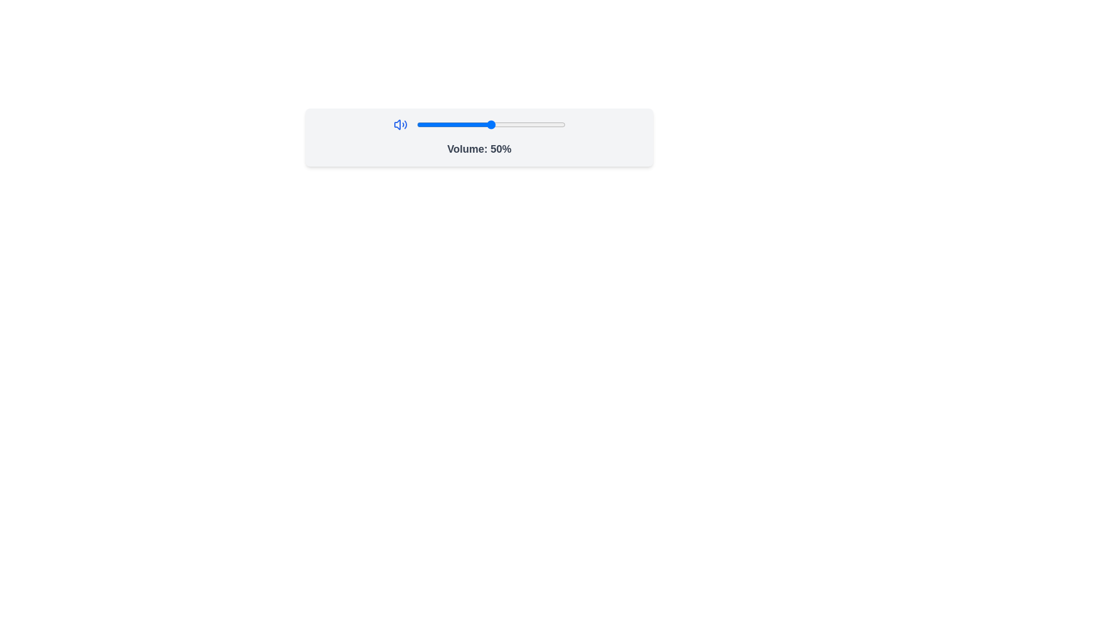 The width and height of the screenshot is (1115, 627). What do you see at coordinates (538, 125) in the screenshot?
I see `the volume` at bounding box center [538, 125].